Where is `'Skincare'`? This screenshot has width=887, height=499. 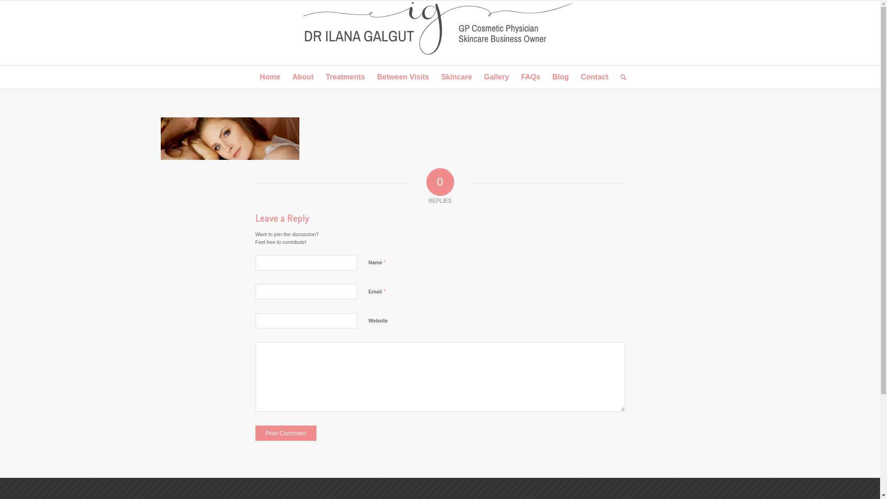
'Skincare' is located at coordinates (456, 76).